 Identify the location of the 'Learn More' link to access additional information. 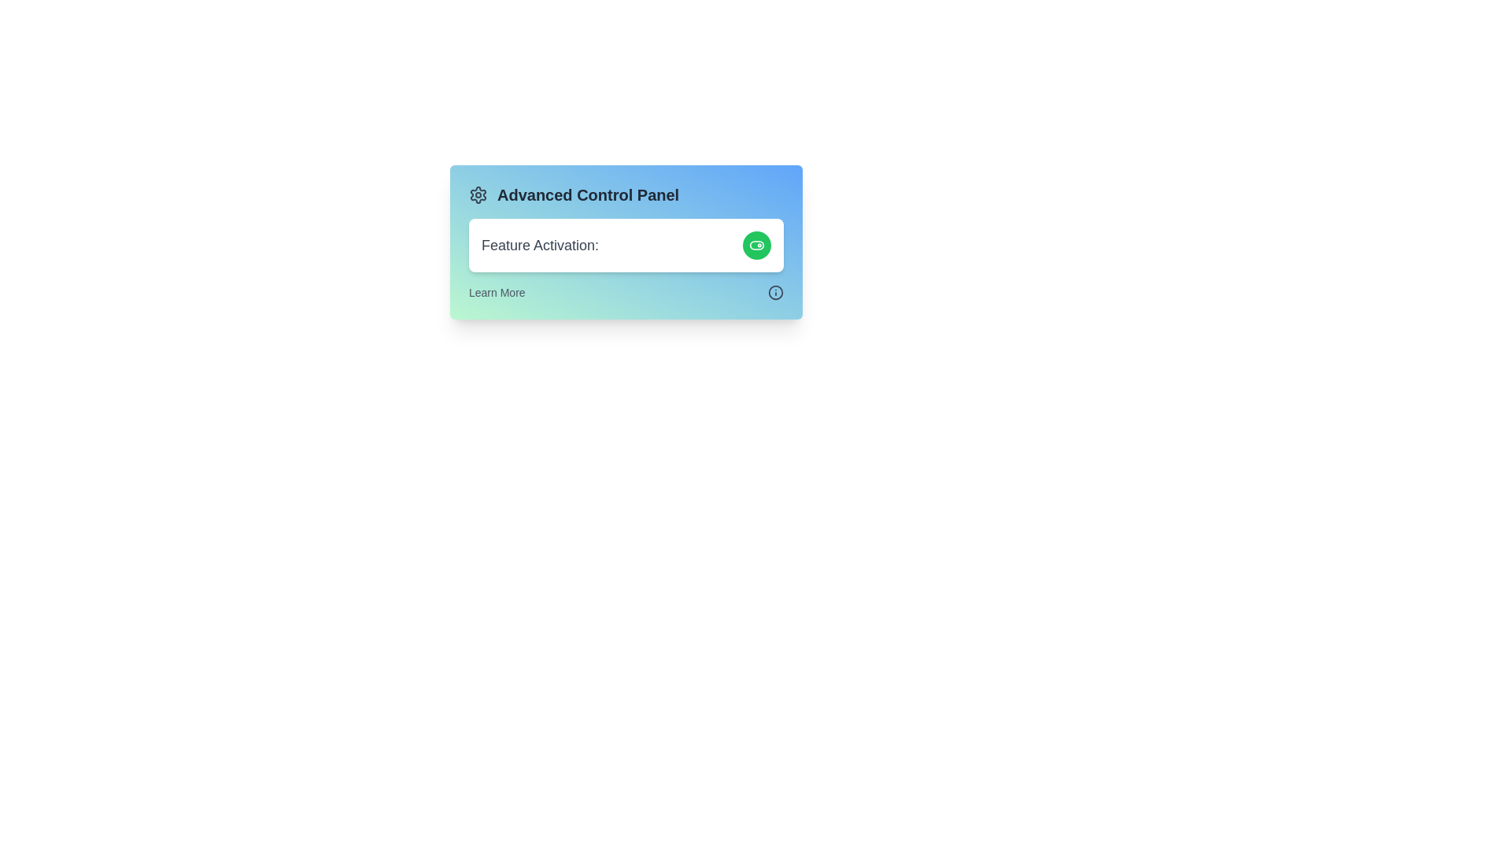
(496, 292).